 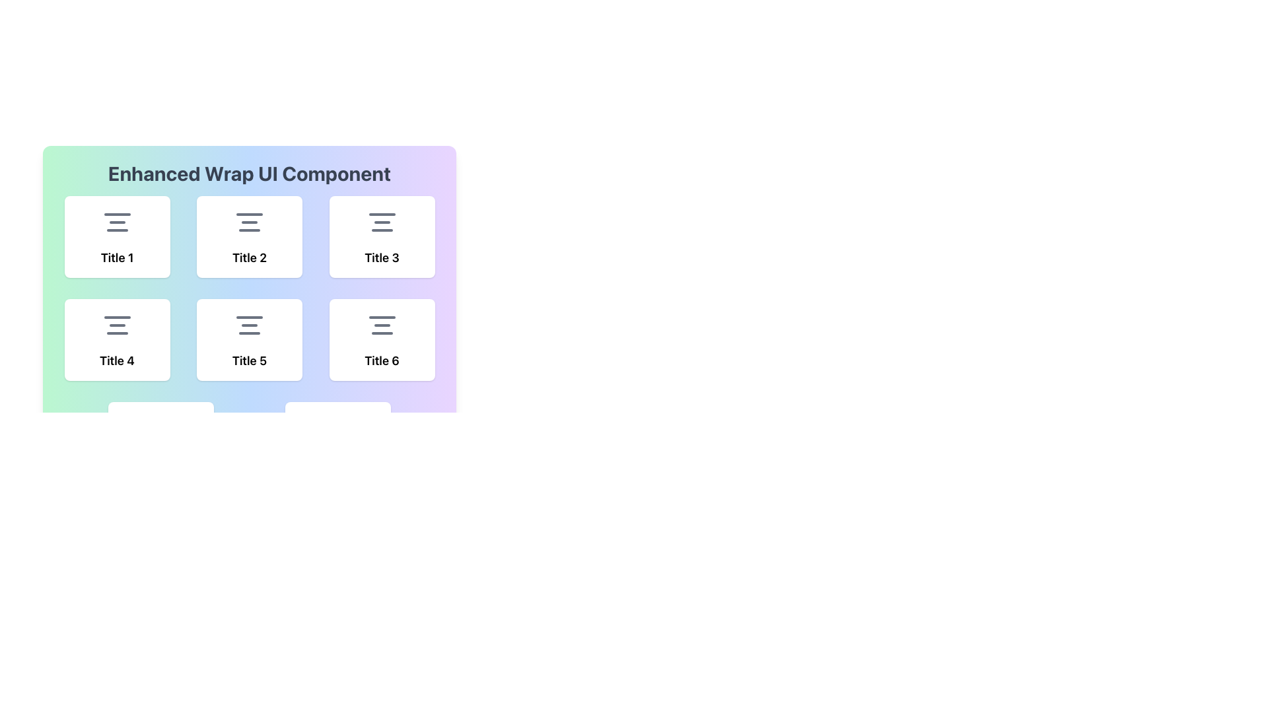 I want to click on the Clickable Card featuring 'Title 4' in bold text, located in the middle-left of the second row of the grid, to interact with it, so click(x=117, y=339).